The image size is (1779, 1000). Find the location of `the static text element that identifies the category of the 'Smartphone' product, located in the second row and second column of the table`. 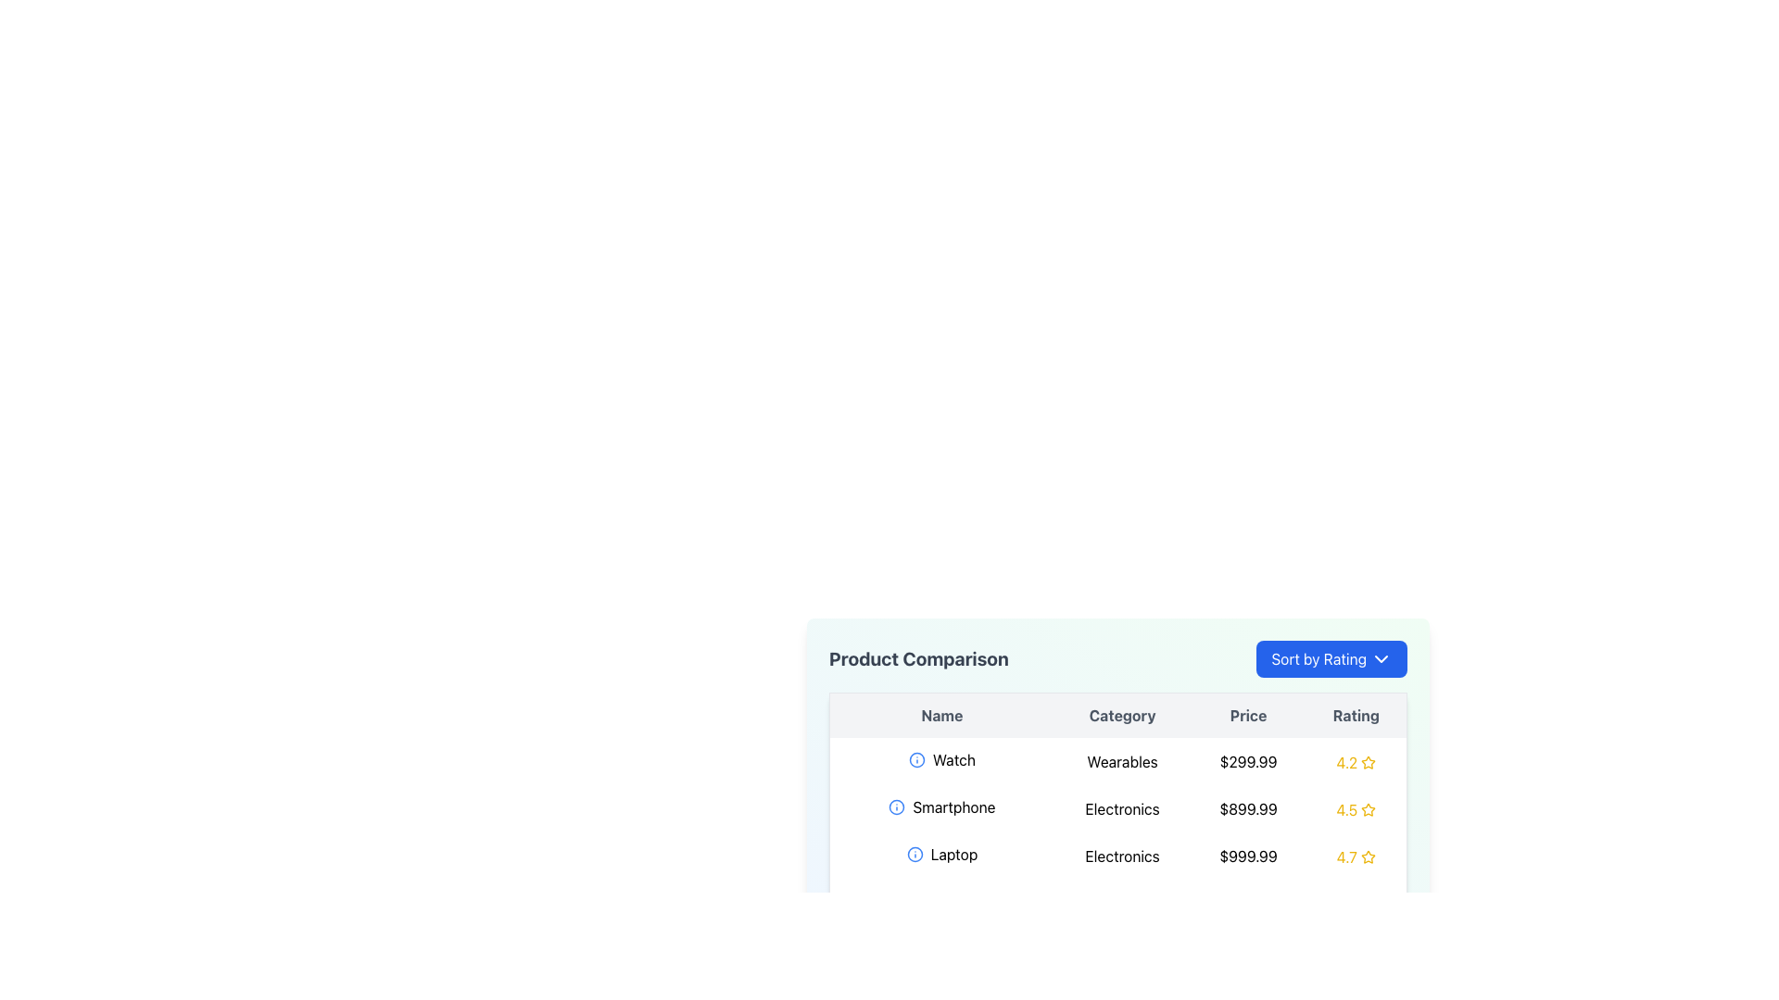

the static text element that identifies the category of the 'Smartphone' product, located in the second row and second column of the table is located at coordinates (1121, 807).